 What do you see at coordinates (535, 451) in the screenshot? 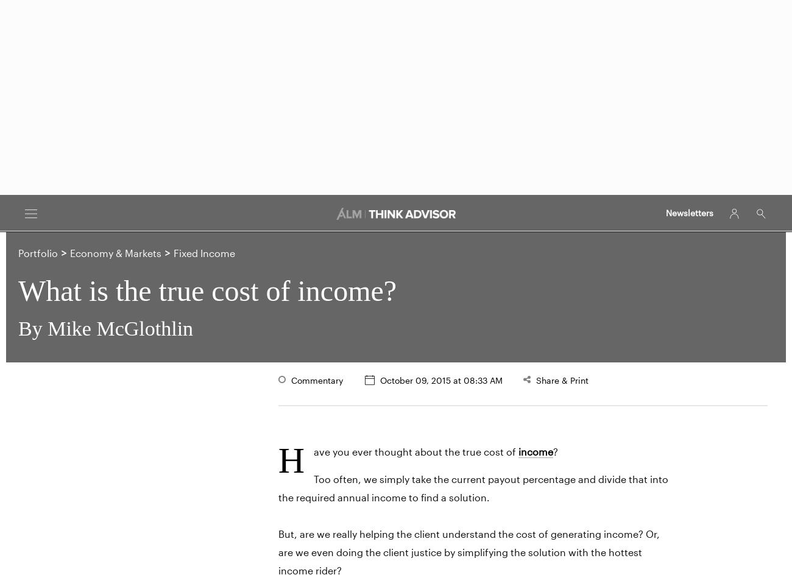
I see `'income'` at bounding box center [535, 451].